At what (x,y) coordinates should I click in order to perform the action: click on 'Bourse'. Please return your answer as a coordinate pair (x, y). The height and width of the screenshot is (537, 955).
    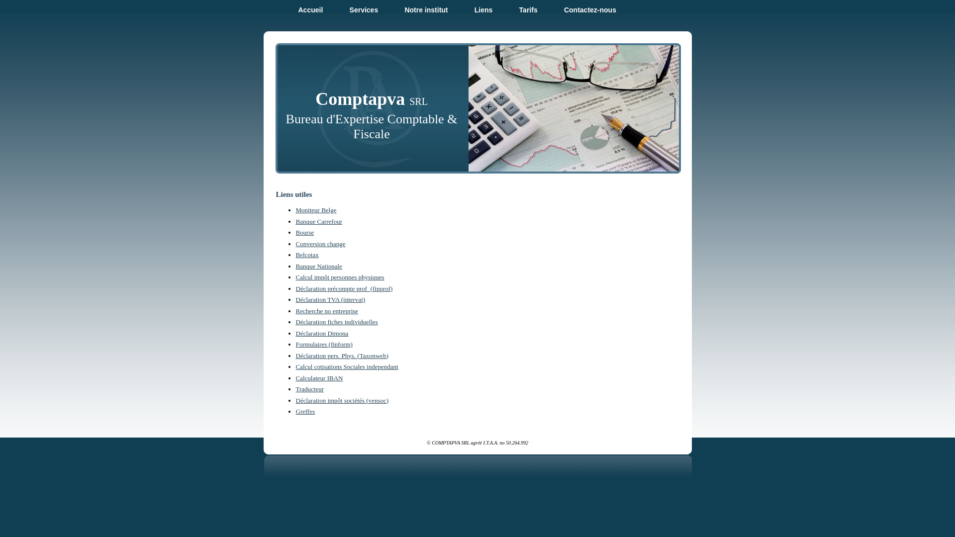
    Looking at the image, I should click on (304, 232).